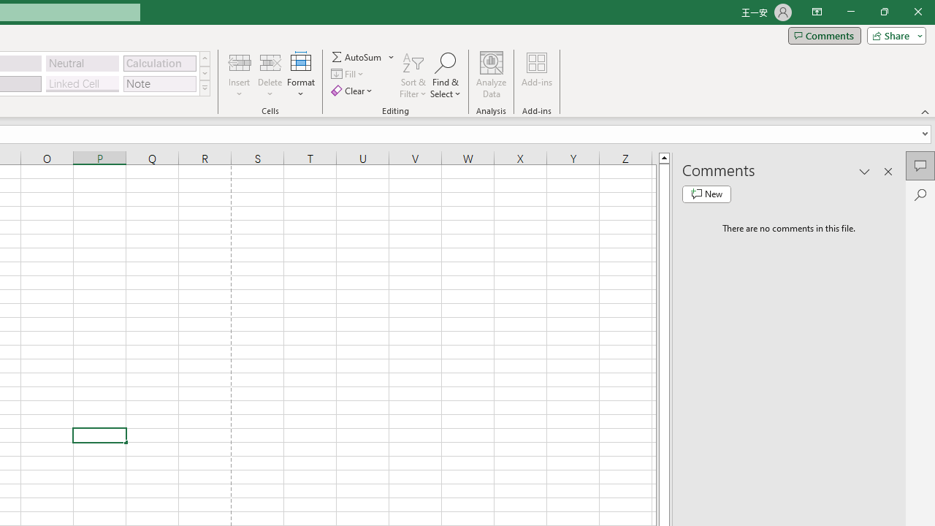 This screenshot has height=526, width=935. Describe the element at coordinates (159, 83) in the screenshot. I see `'Note'` at that location.